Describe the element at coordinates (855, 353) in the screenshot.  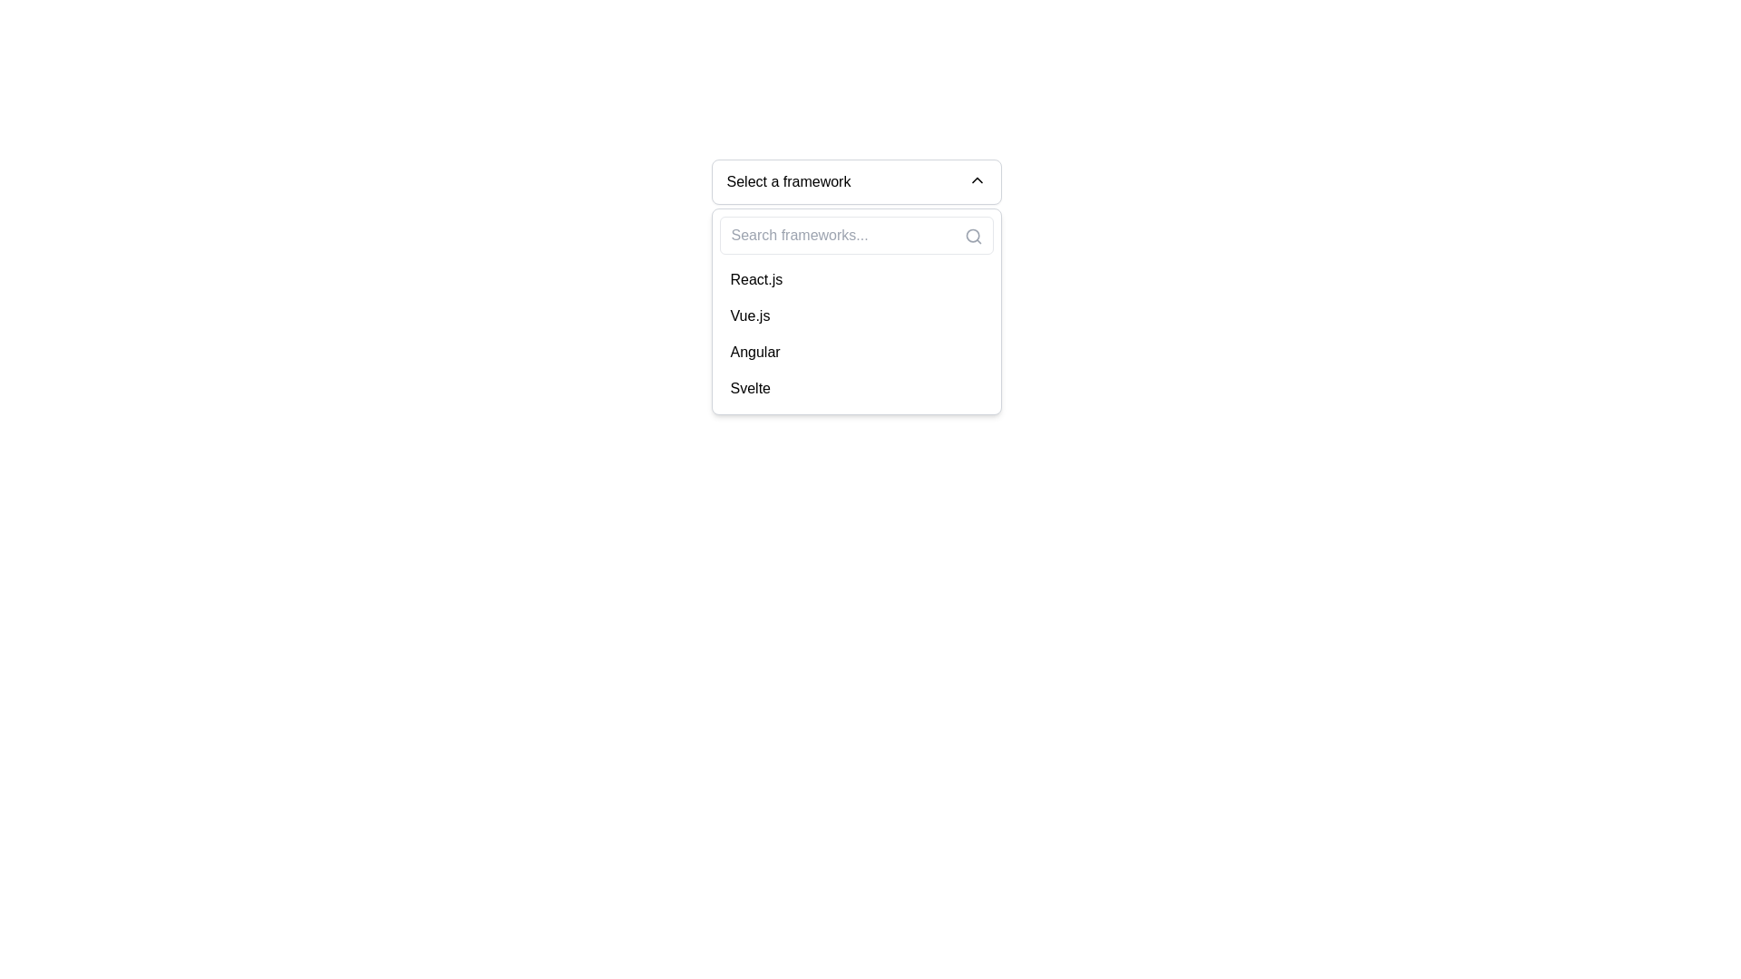
I see `the 'Angular' option in the dropdown menu` at that location.